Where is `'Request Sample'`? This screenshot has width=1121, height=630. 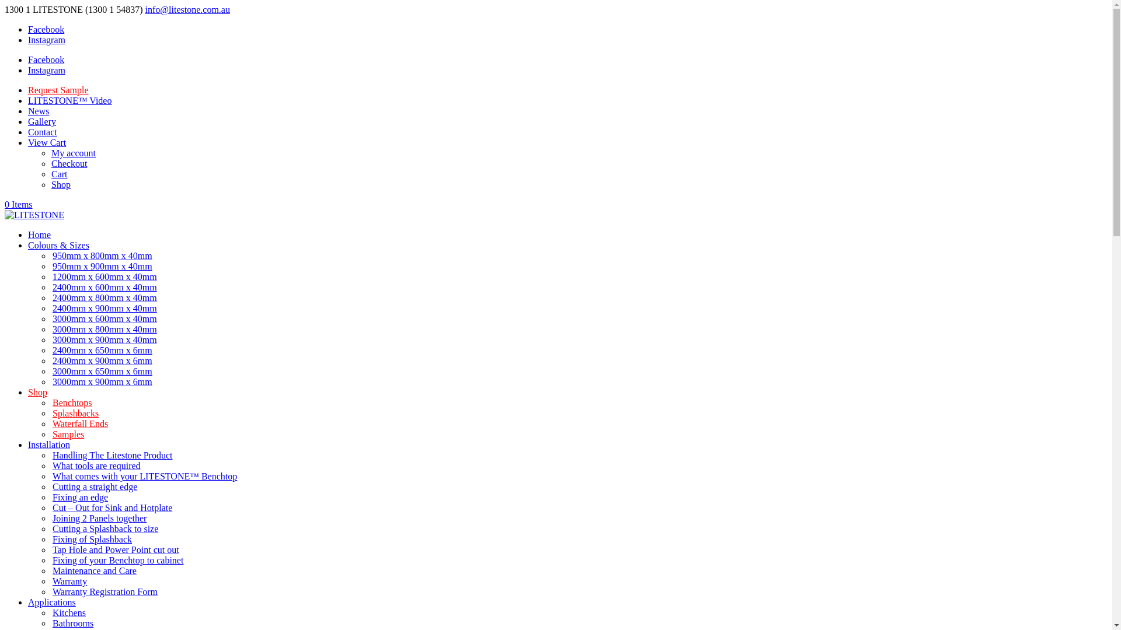
'Request Sample' is located at coordinates (58, 89).